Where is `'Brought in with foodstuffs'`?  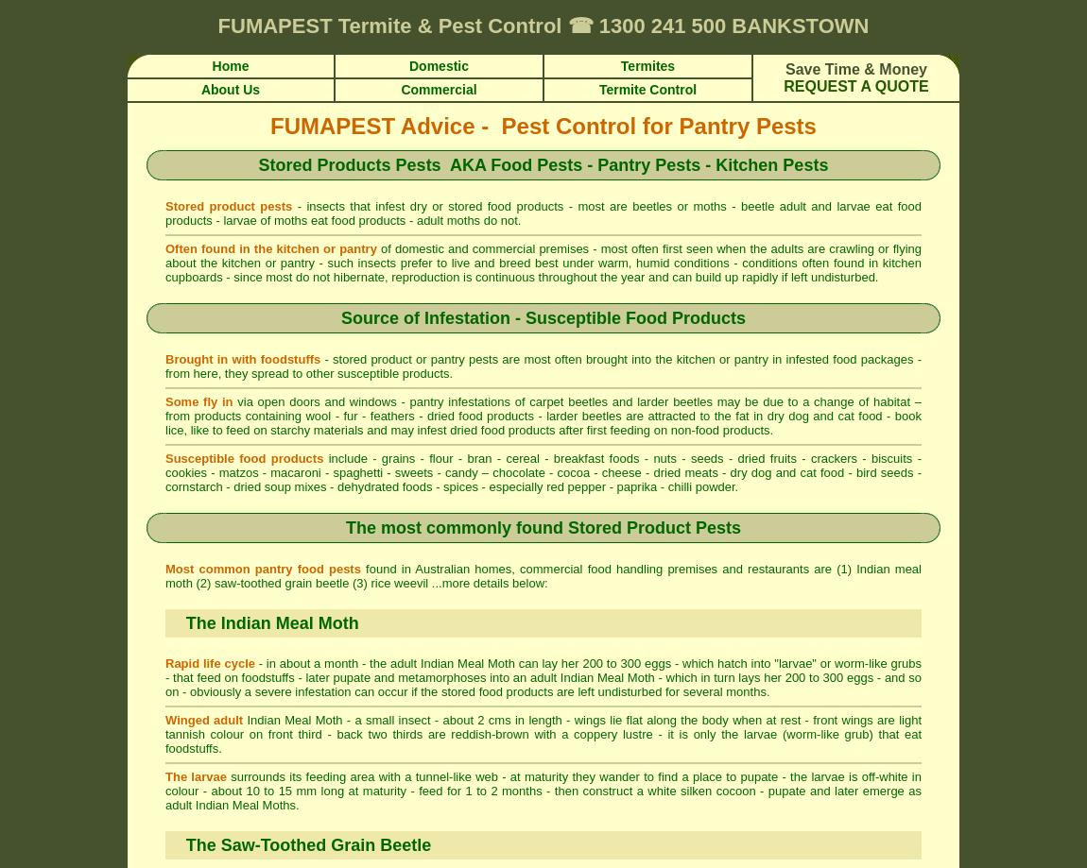
'Brought in with foodstuffs' is located at coordinates (242, 359).